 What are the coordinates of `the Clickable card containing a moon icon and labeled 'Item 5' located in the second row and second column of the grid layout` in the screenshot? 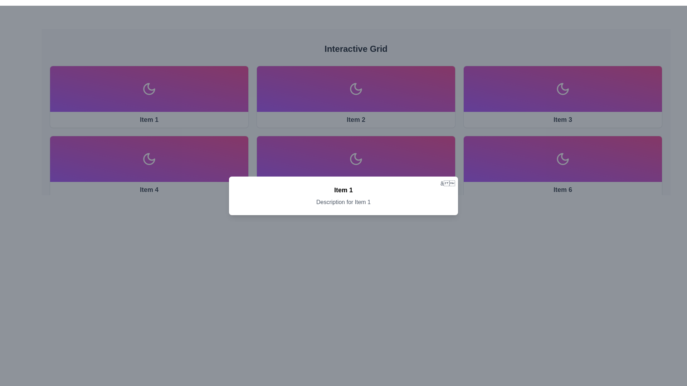 It's located at (356, 167).